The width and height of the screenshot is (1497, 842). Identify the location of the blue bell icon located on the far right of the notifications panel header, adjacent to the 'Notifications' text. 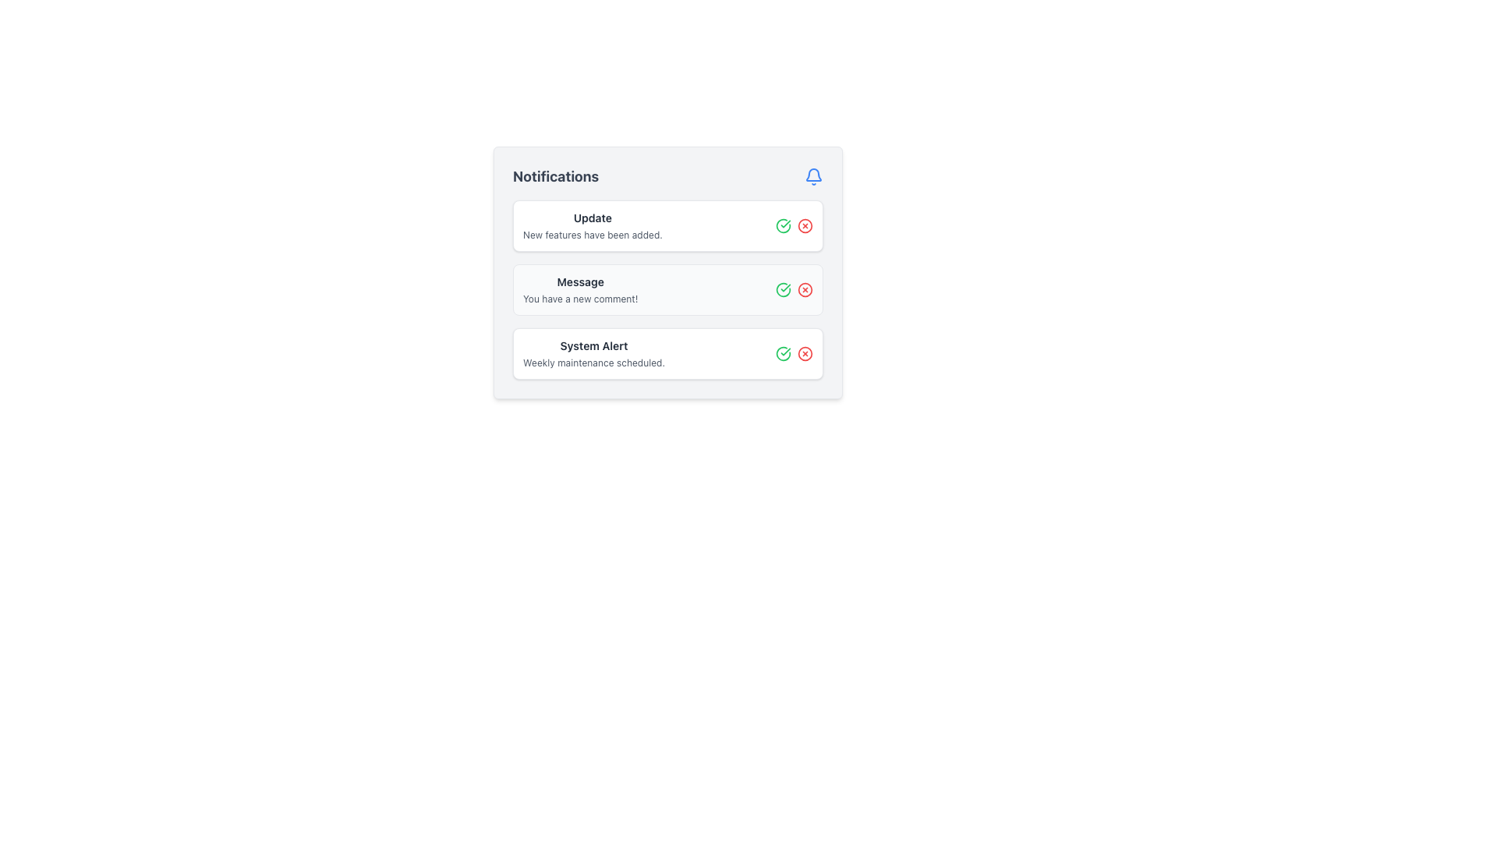
(812, 176).